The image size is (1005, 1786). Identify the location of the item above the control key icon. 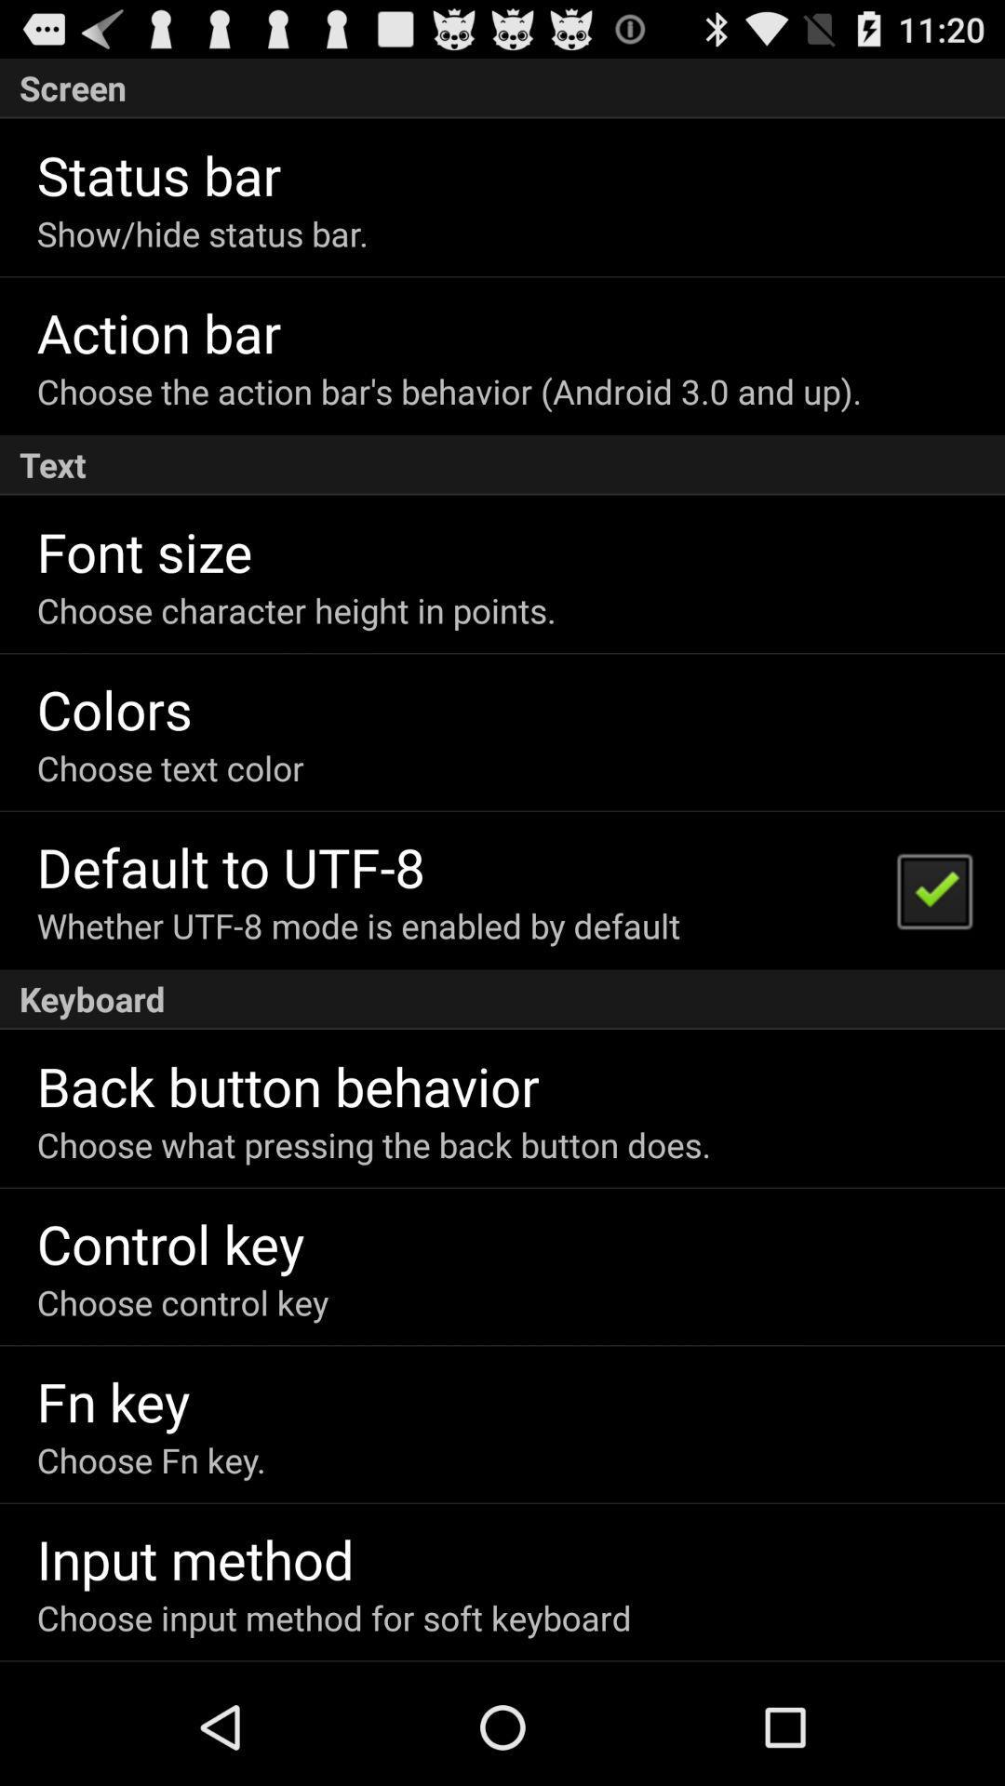
(373, 1143).